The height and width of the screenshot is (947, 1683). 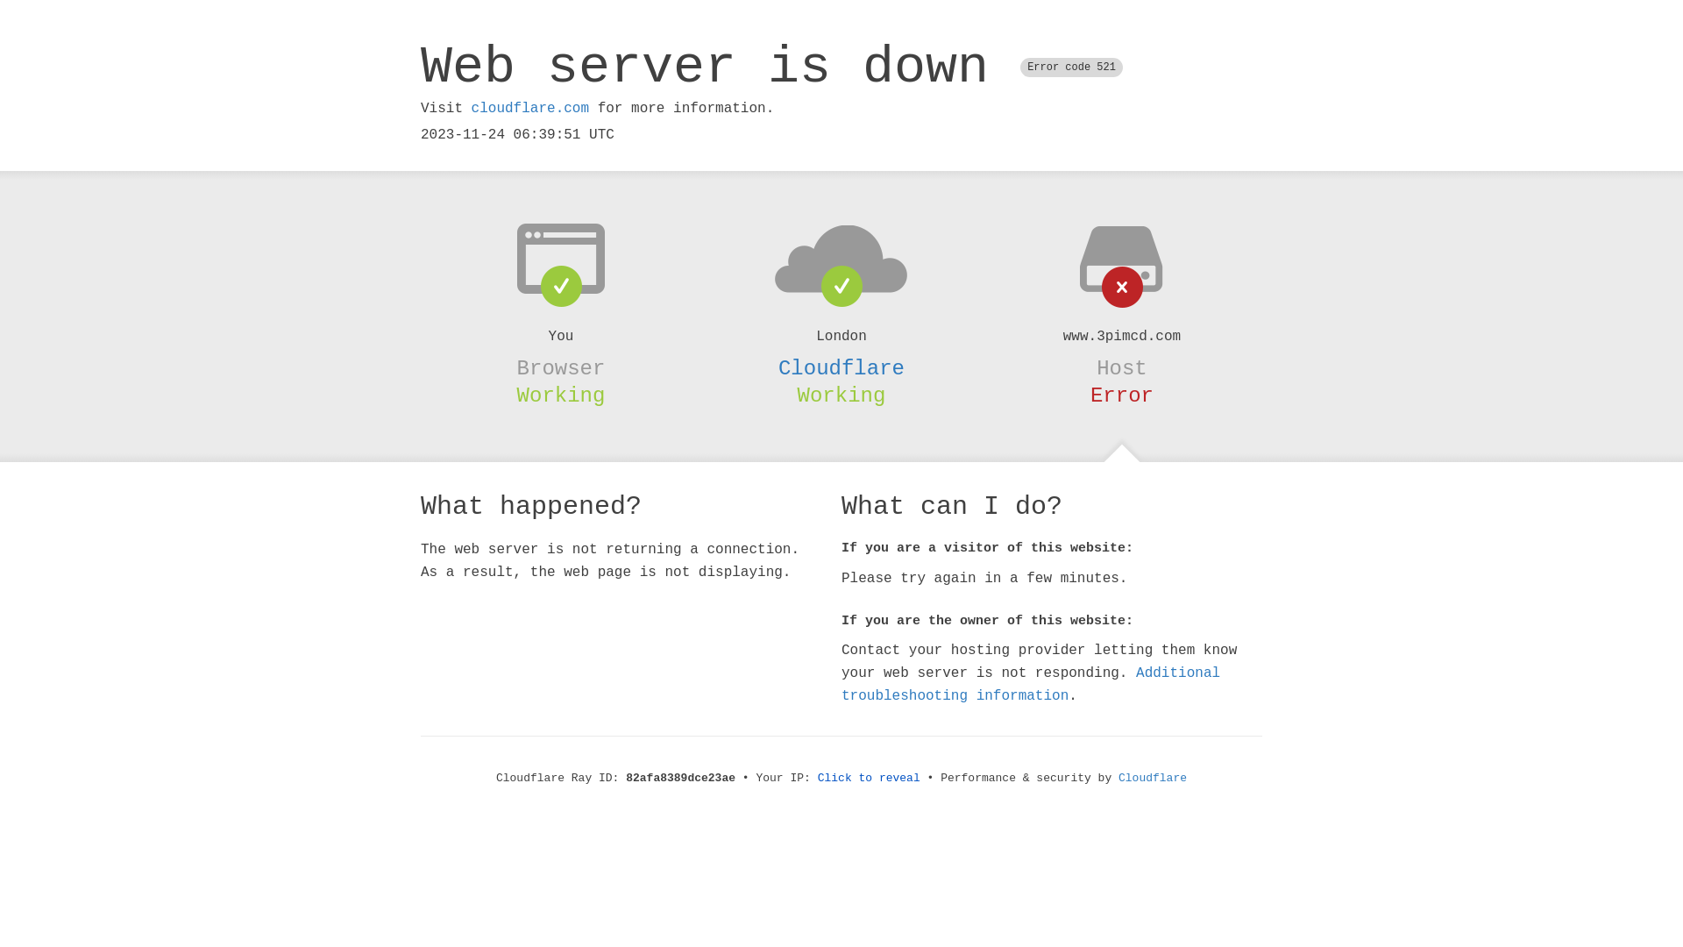 What do you see at coordinates (1031, 683) in the screenshot?
I see `'Additional troubleshooting information'` at bounding box center [1031, 683].